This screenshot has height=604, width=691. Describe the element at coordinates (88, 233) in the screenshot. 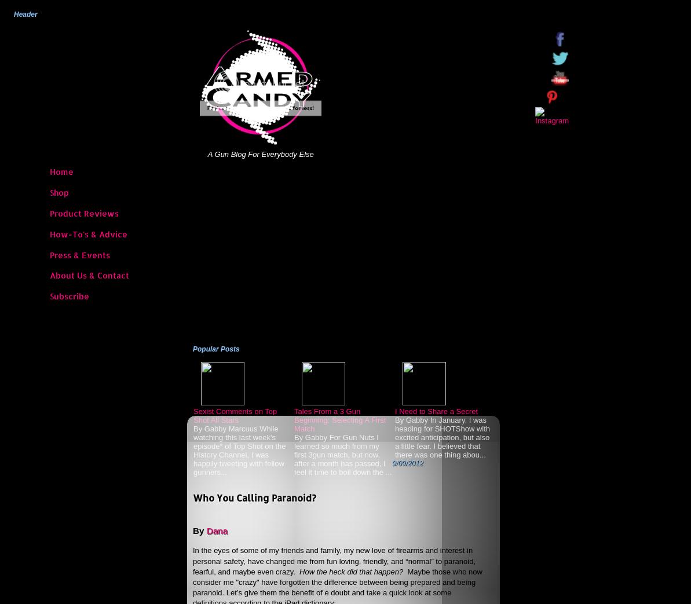

I see `'How-To's & Advice'` at that location.